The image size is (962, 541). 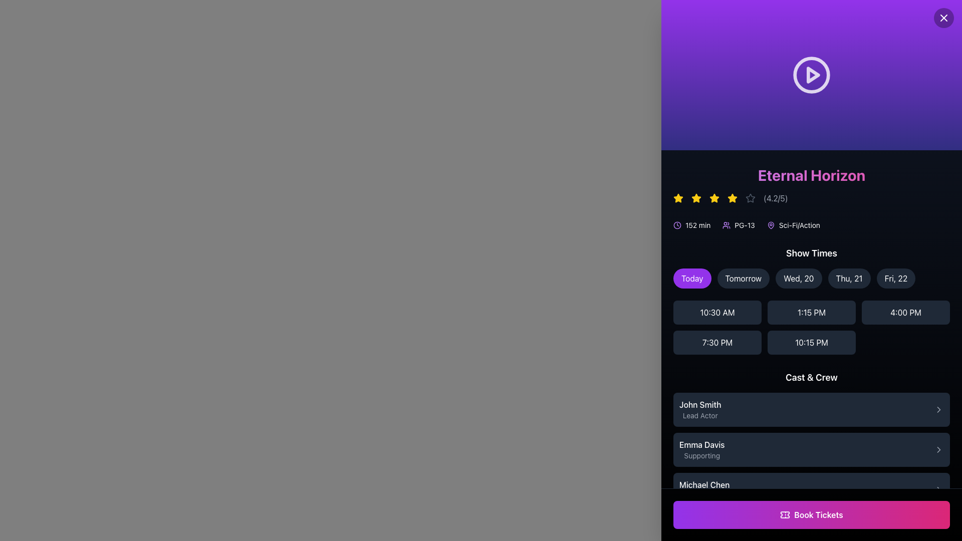 I want to click on the icon representing the GPS location or genre association for the movie 'Eternal Horizon', so click(x=770, y=225).